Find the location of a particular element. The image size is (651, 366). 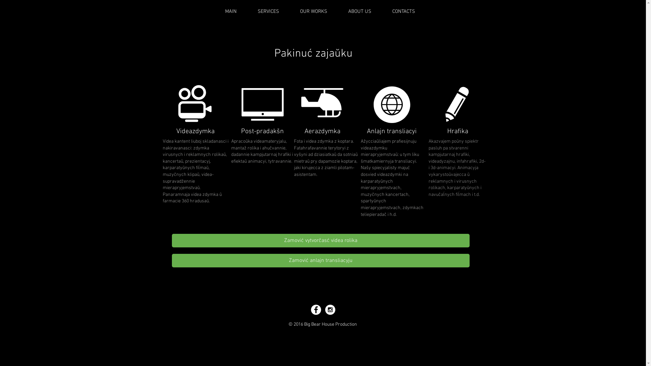

'MAIN' is located at coordinates (231, 12).